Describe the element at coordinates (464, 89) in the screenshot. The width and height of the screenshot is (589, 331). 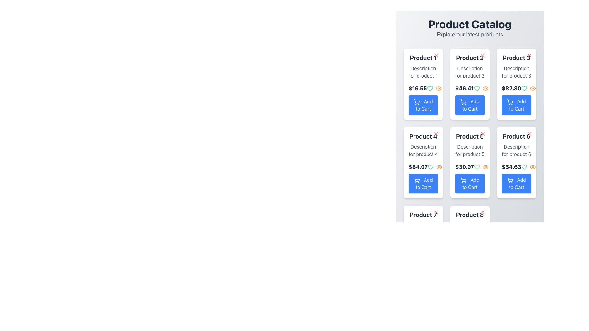
I see `the bold, large dark gray text displaying '$46.41' located in the second card labeled 'Product 2' within the grid layout` at that location.